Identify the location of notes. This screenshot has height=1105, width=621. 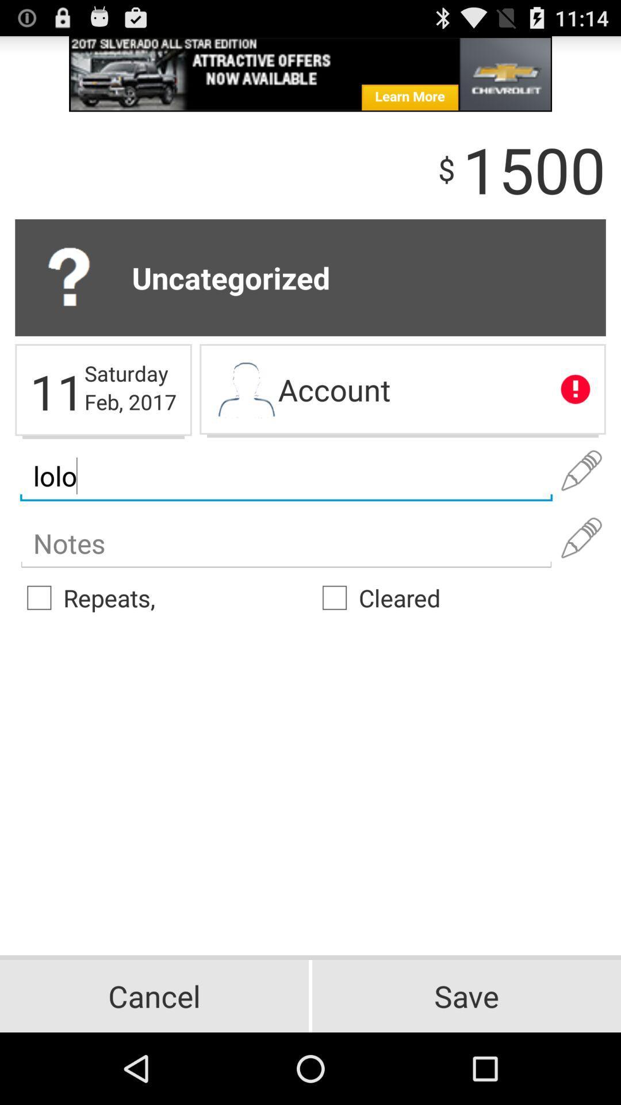
(285, 543).